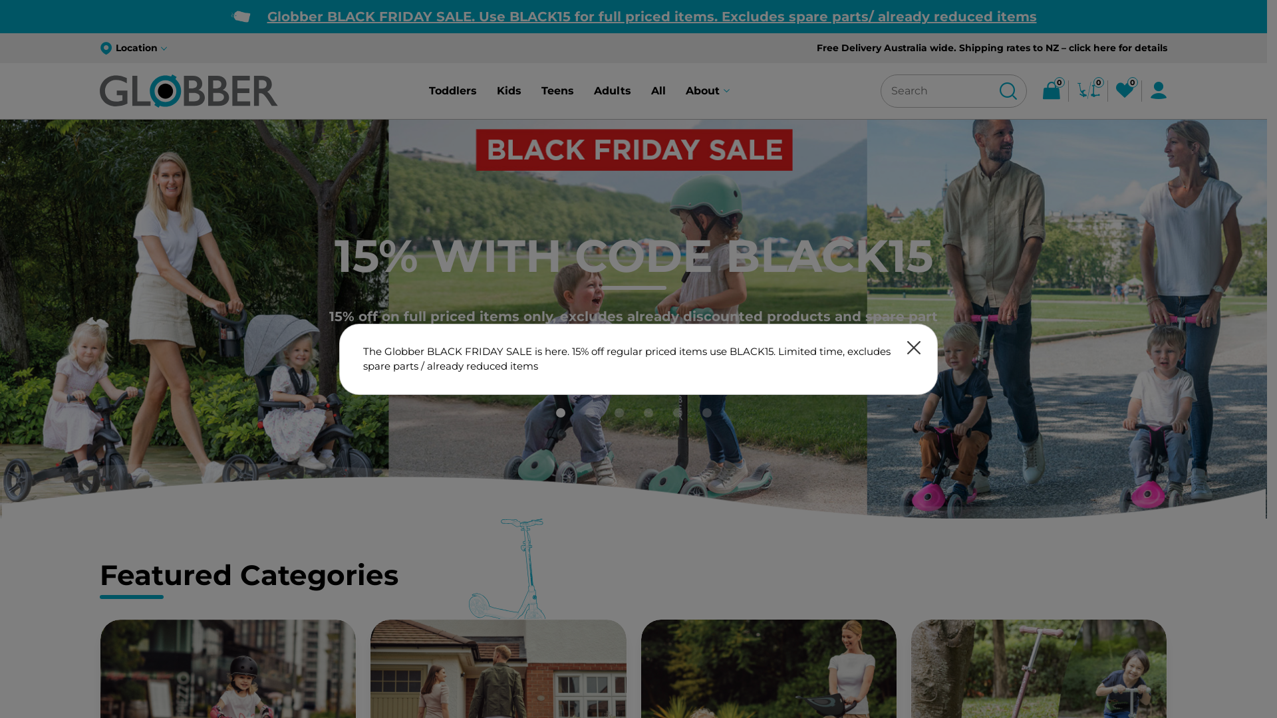 Image resolution: width=1277 pixels, height=718 pixels. I want to click on 'All', so click(658, 90).